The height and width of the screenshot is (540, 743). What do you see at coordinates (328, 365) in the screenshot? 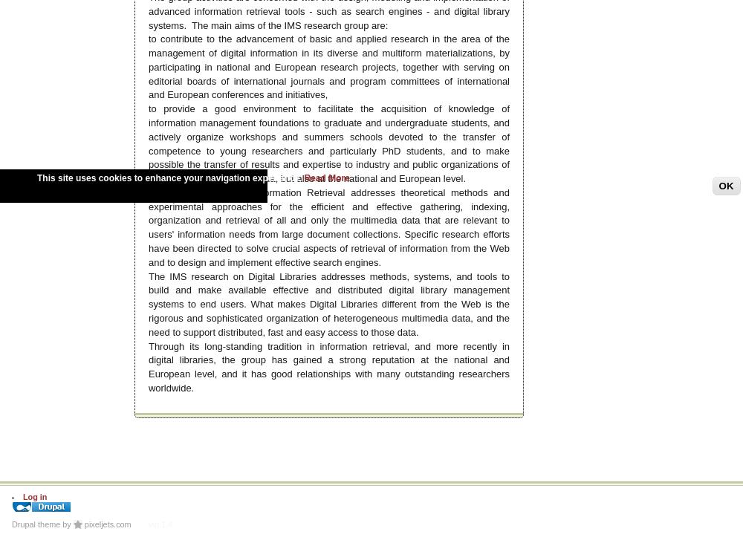
I see `'Through its long-standing tradition in information retrieval, and more recently in digital libraries, the group has gained a strong reputation at the national and European level, and it has good relationships with many outstanding researchers worldwide.'` at bounding box center [328, 365].